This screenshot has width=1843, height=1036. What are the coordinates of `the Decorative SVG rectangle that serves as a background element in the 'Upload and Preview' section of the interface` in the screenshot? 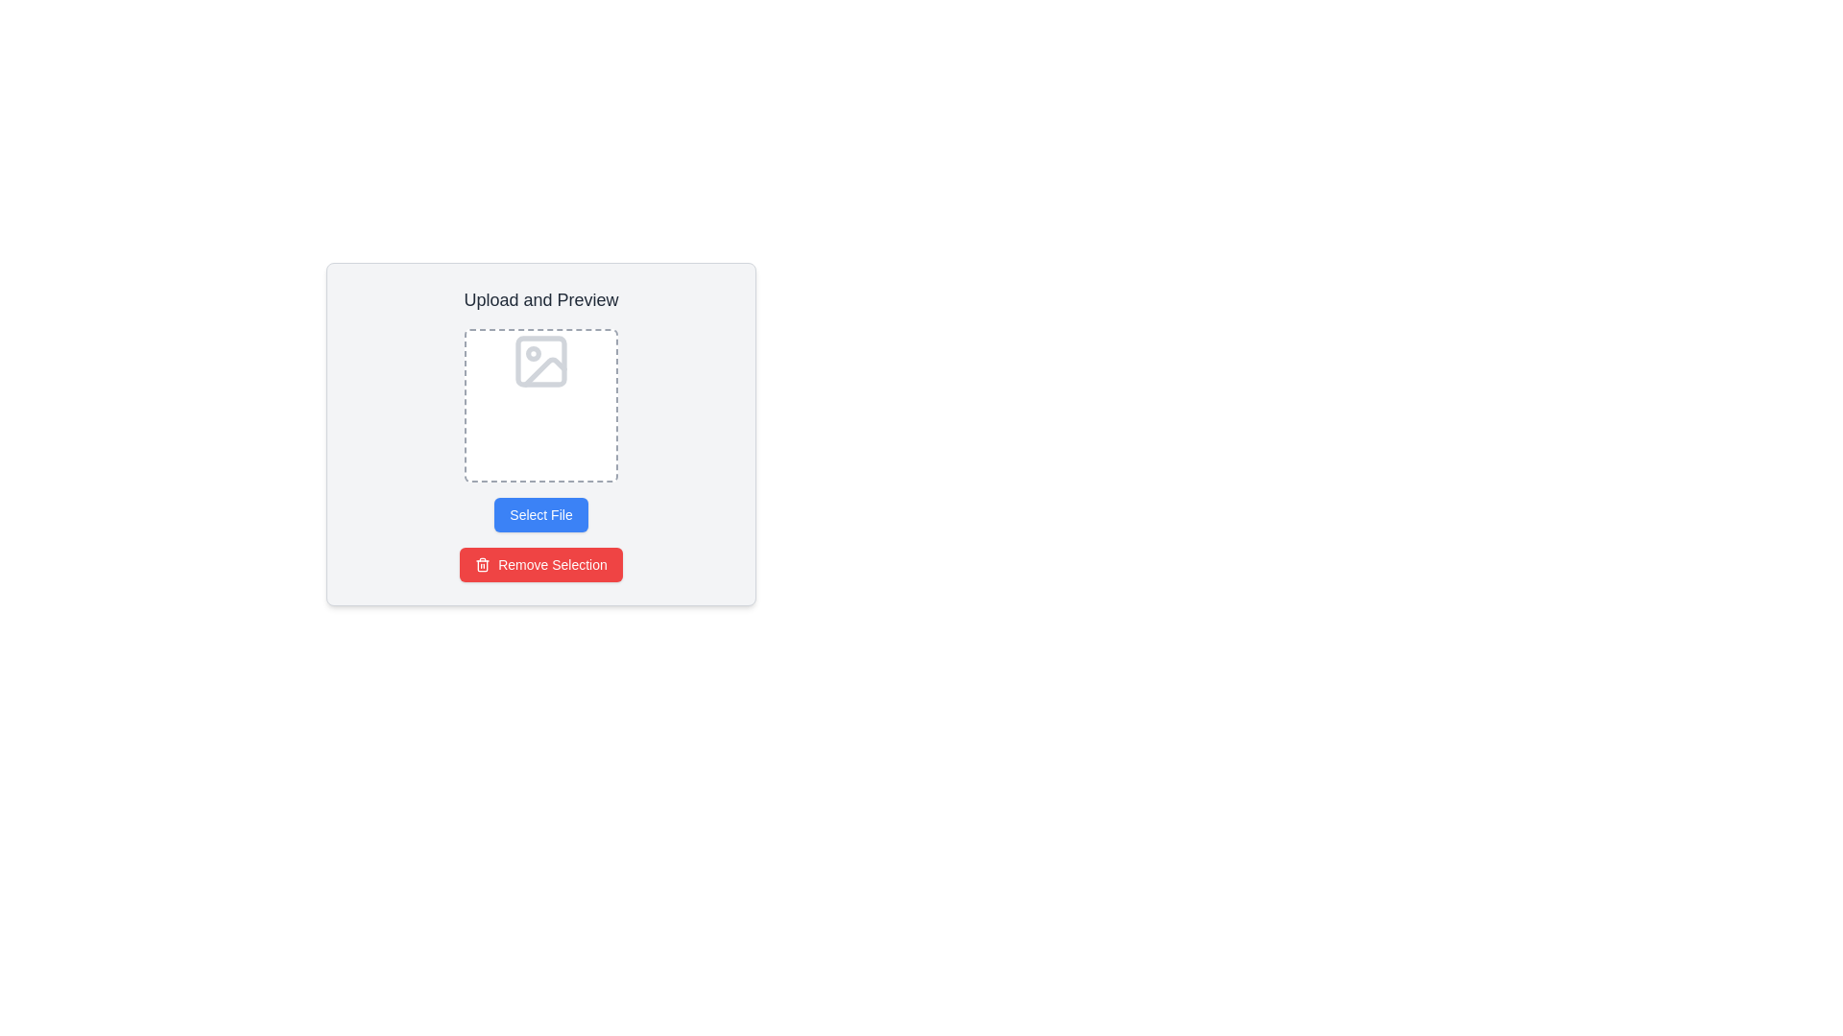 It's located at (540, 362).